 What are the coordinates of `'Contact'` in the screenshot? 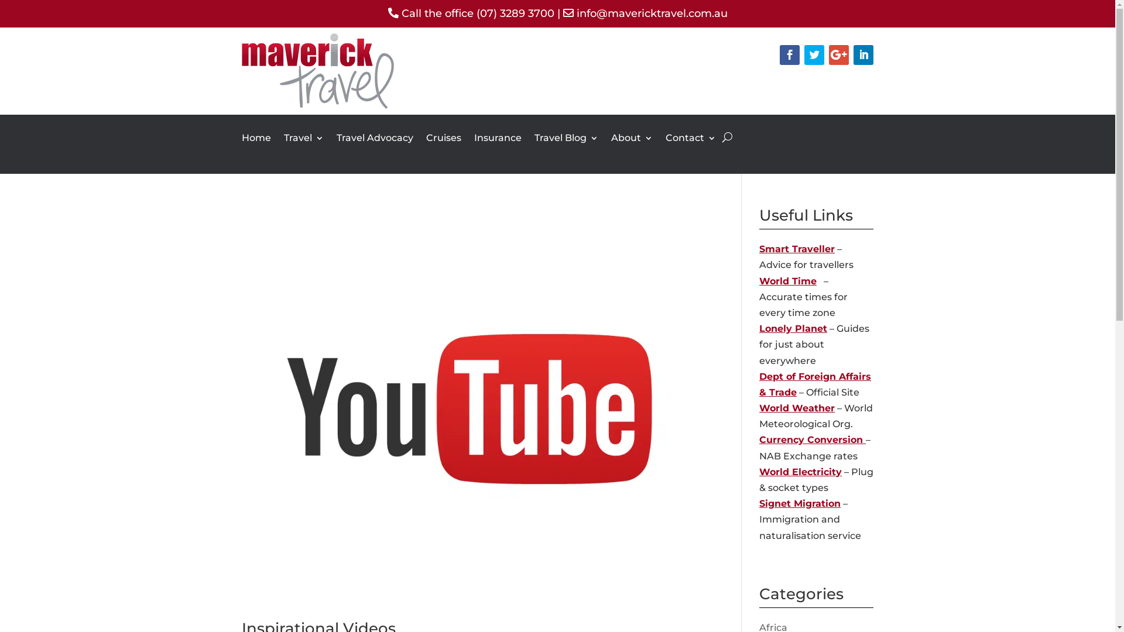 It's located at (690, 146).